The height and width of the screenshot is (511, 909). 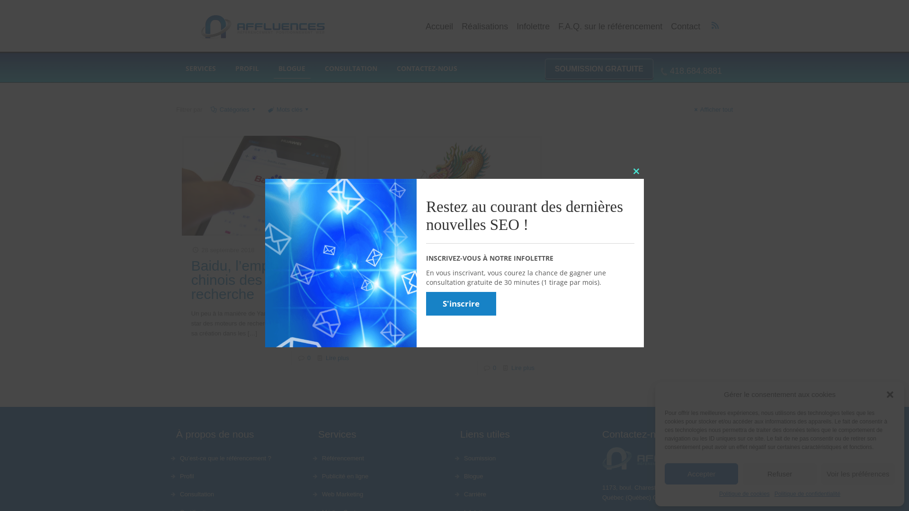 I want to click on 'SERVICES', so click(x=200, y=68).